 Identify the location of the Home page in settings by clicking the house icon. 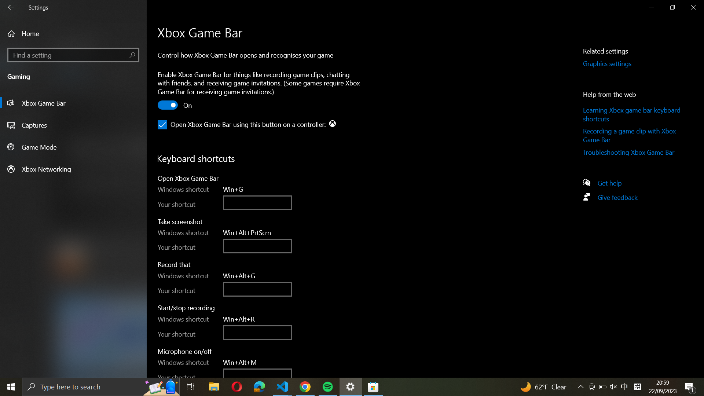
(73, 33).